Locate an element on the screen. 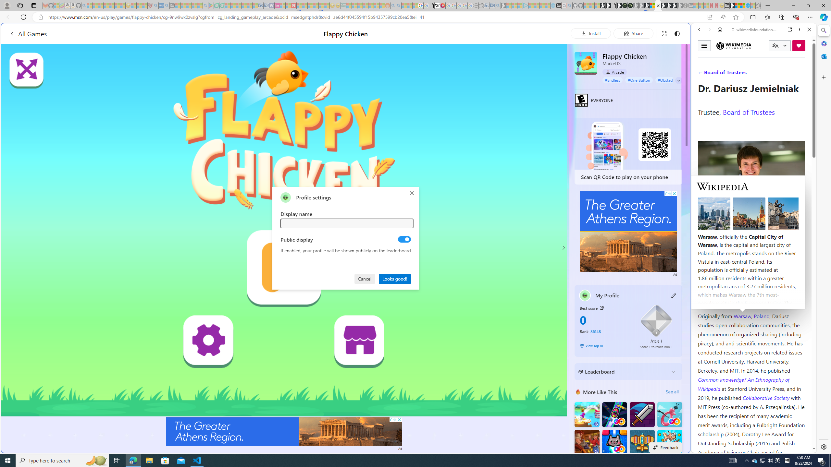 This screenshot has height=467, width=831. '#Obstacle Course' is located at coordinates (672, 79).